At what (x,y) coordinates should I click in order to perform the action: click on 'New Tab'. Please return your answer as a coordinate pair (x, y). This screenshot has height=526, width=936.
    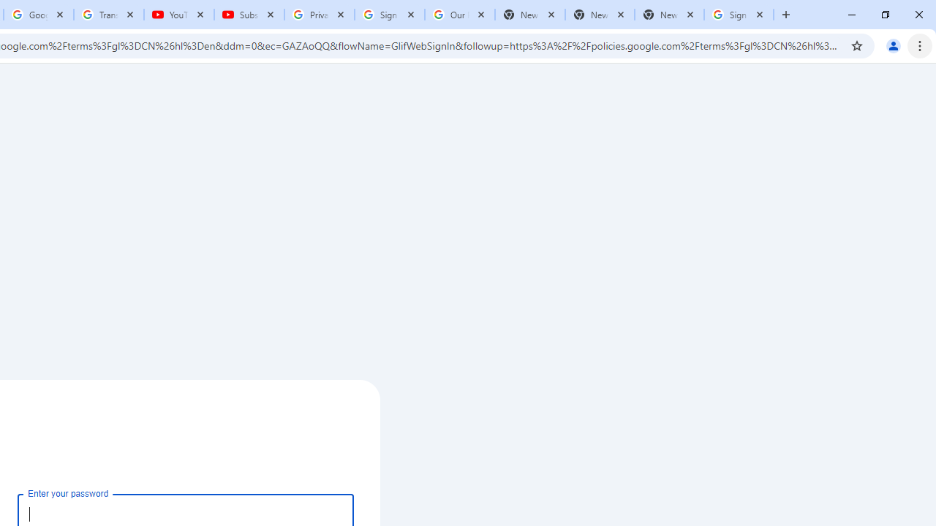
    Looking at the image, I should click on (668, 15).